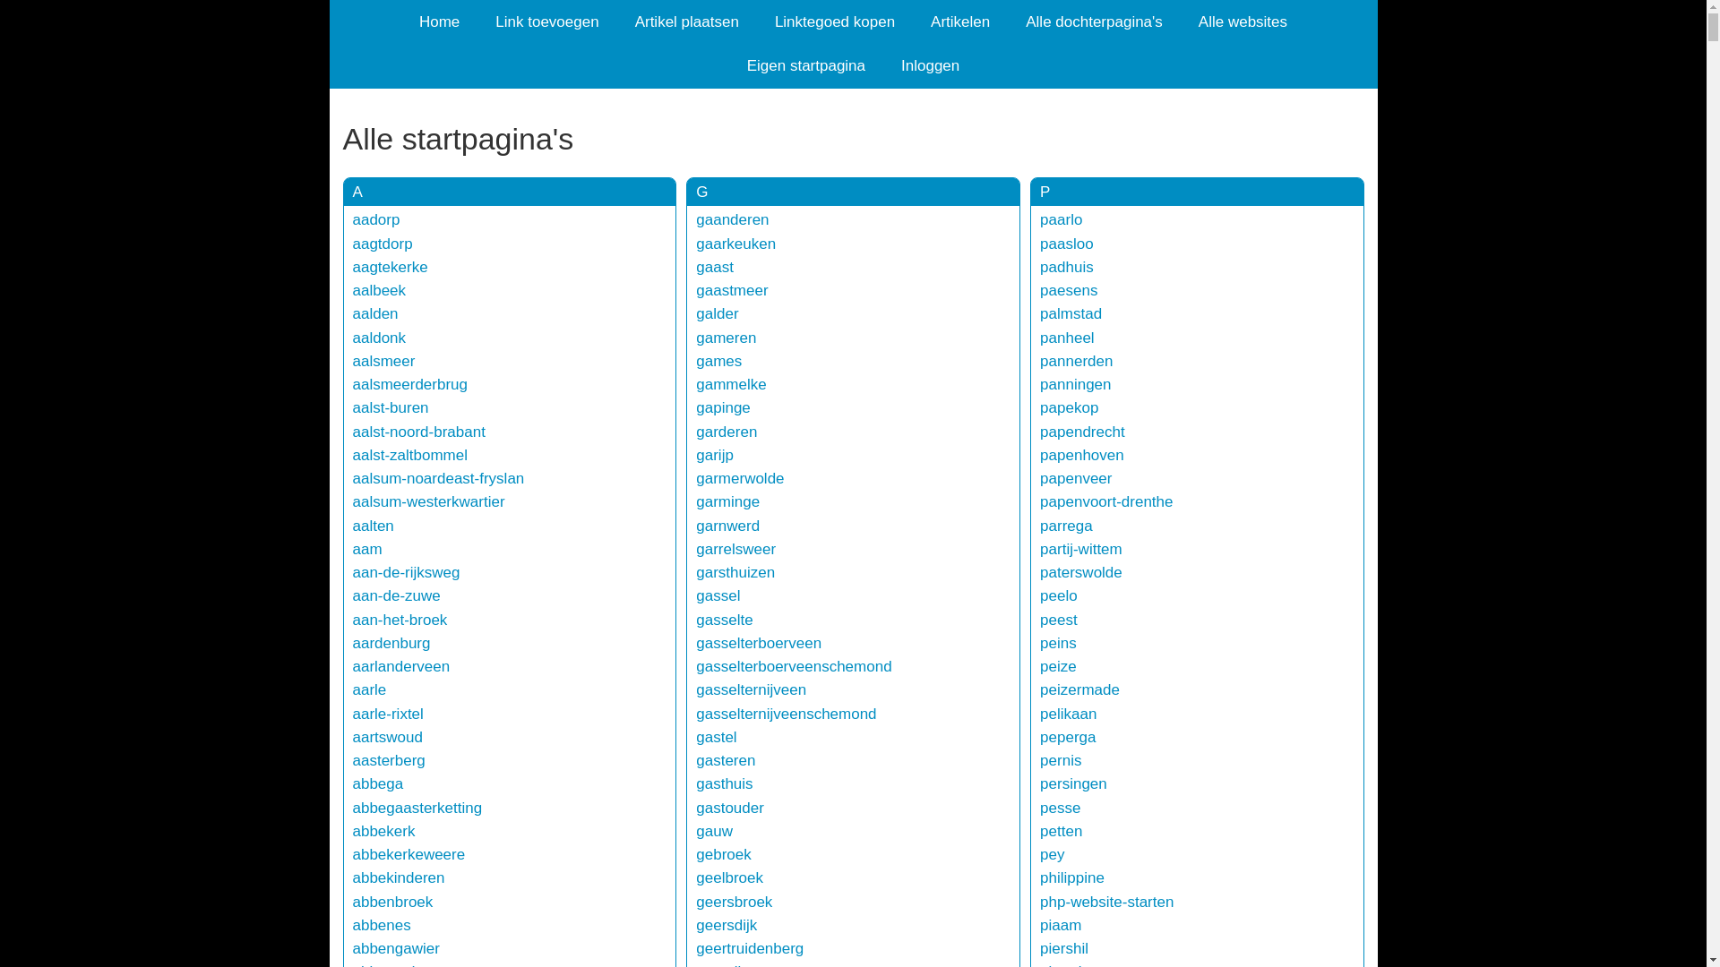 This screenshot has height=967, width=1720. Describe the element at coordinates (723, 407) in the screenshot. I see `'gapinge'` at that location.